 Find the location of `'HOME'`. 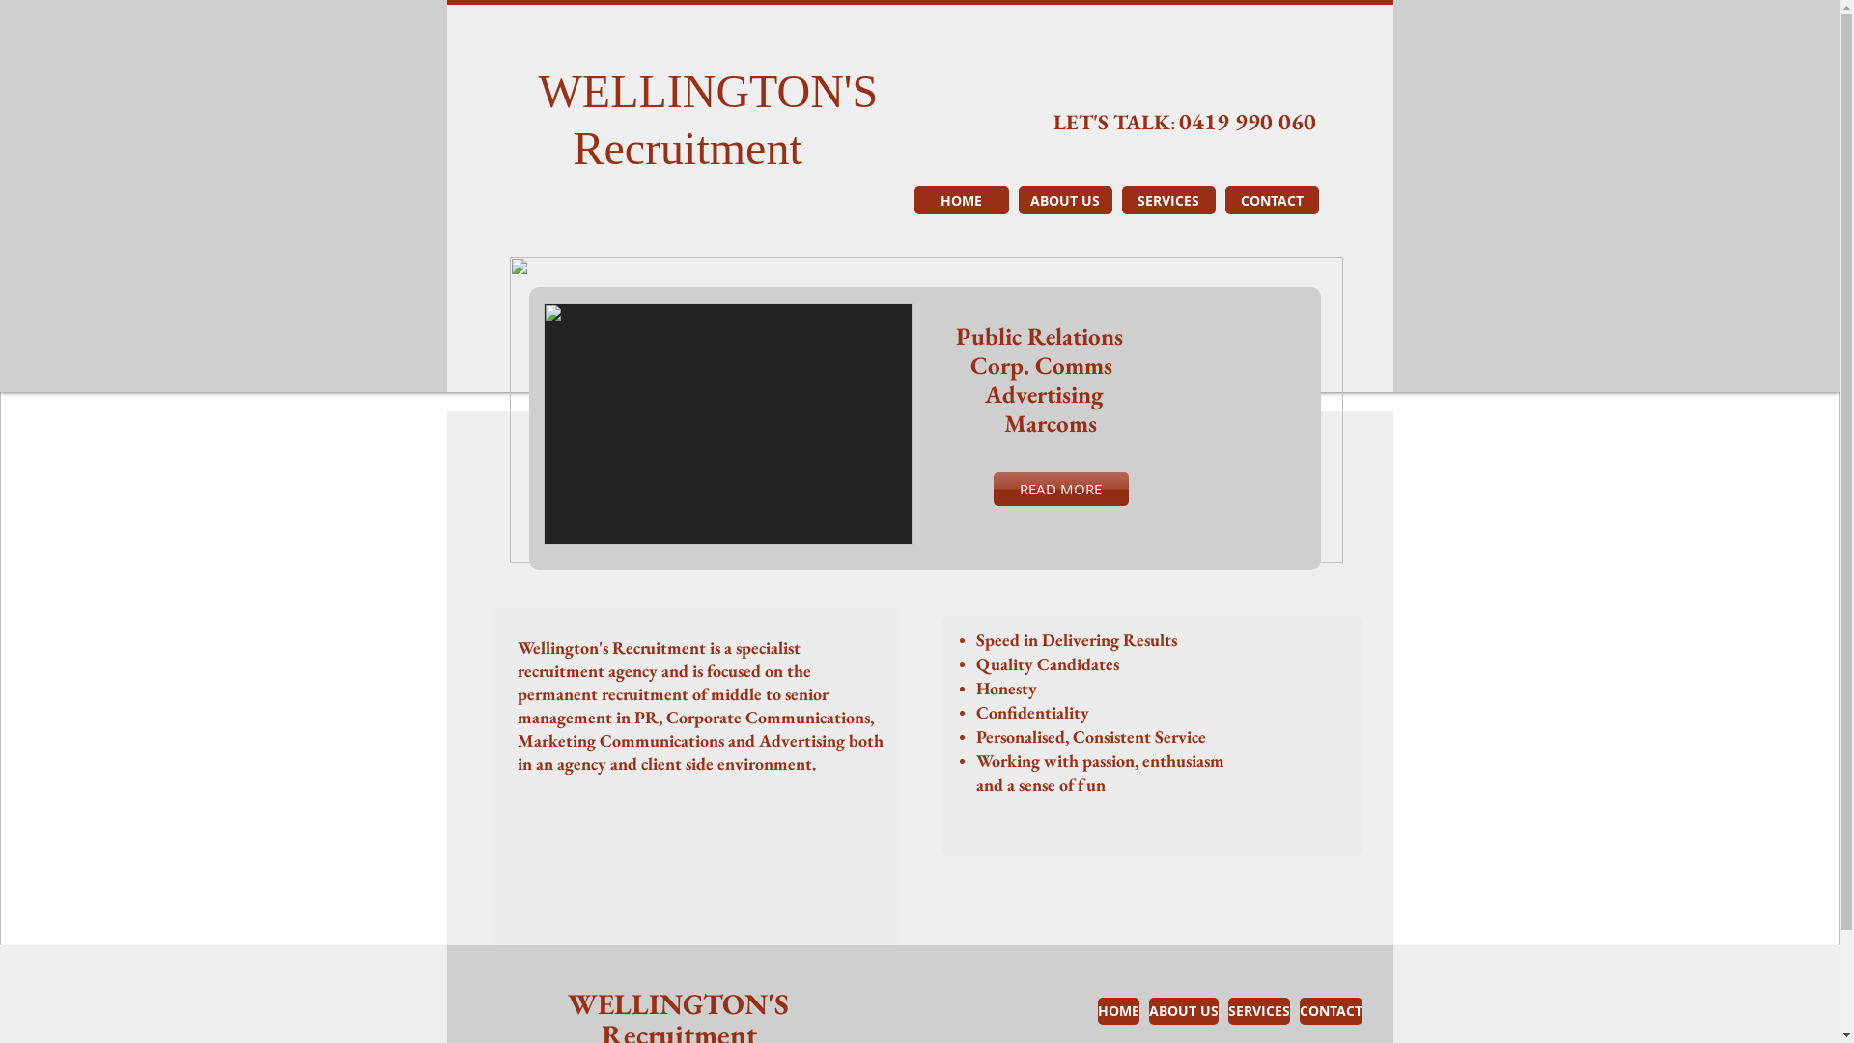

'HOME' is located at coordinates (960, 200).